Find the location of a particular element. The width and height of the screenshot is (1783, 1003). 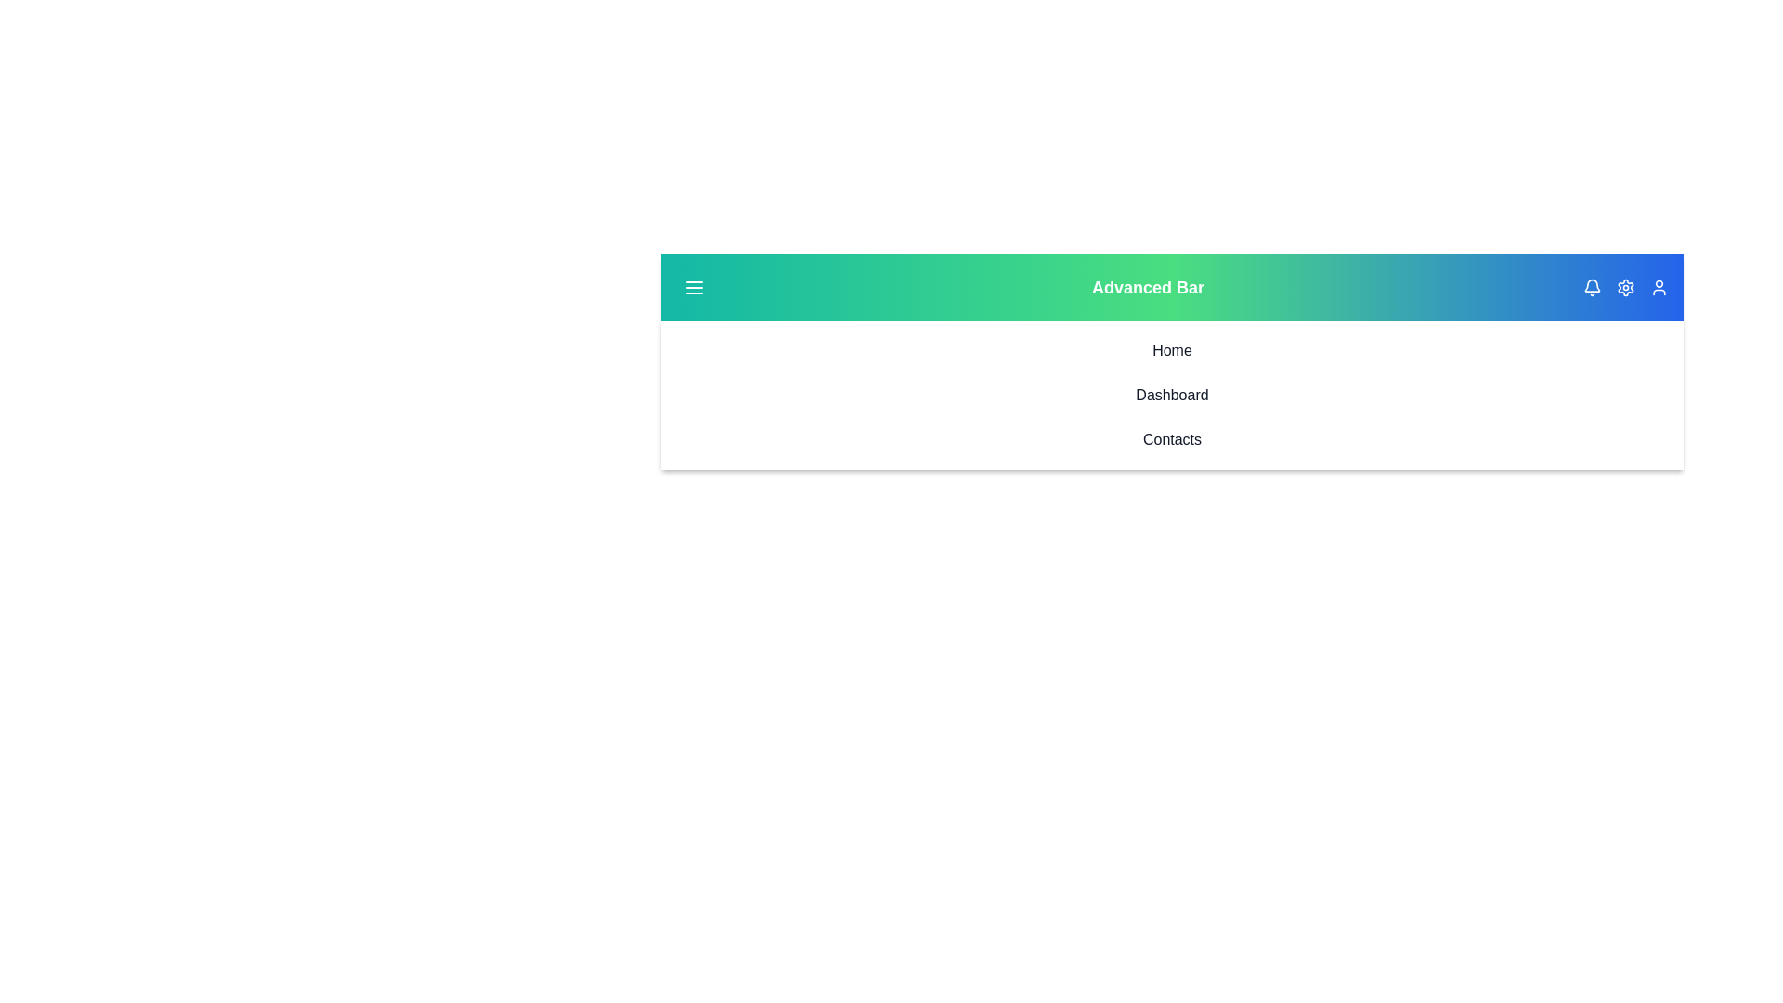

the 'Home' list item to navigate to the Home page is located at coordinates (1171, 351).